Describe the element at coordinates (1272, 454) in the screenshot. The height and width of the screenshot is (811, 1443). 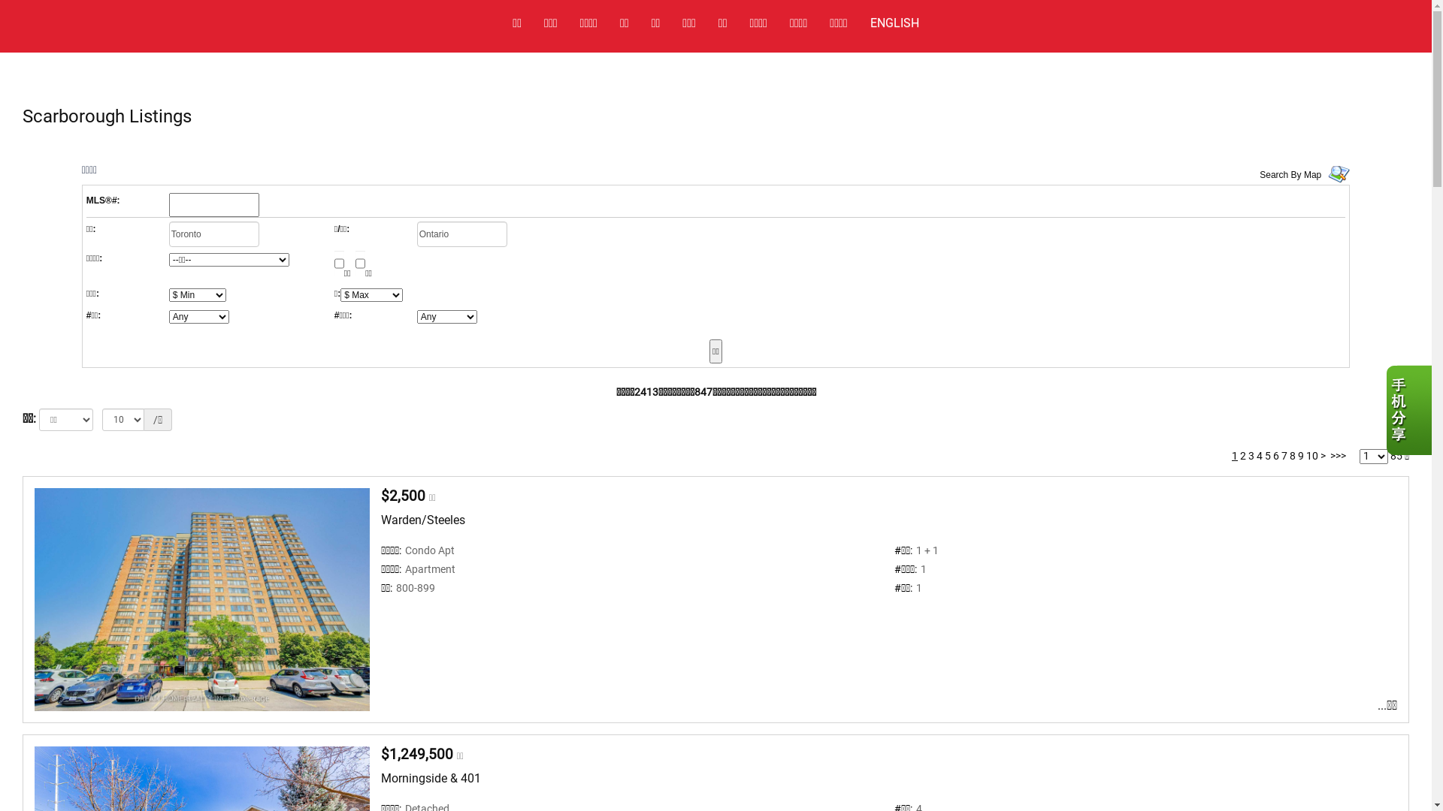
I see `'6'` at that location.